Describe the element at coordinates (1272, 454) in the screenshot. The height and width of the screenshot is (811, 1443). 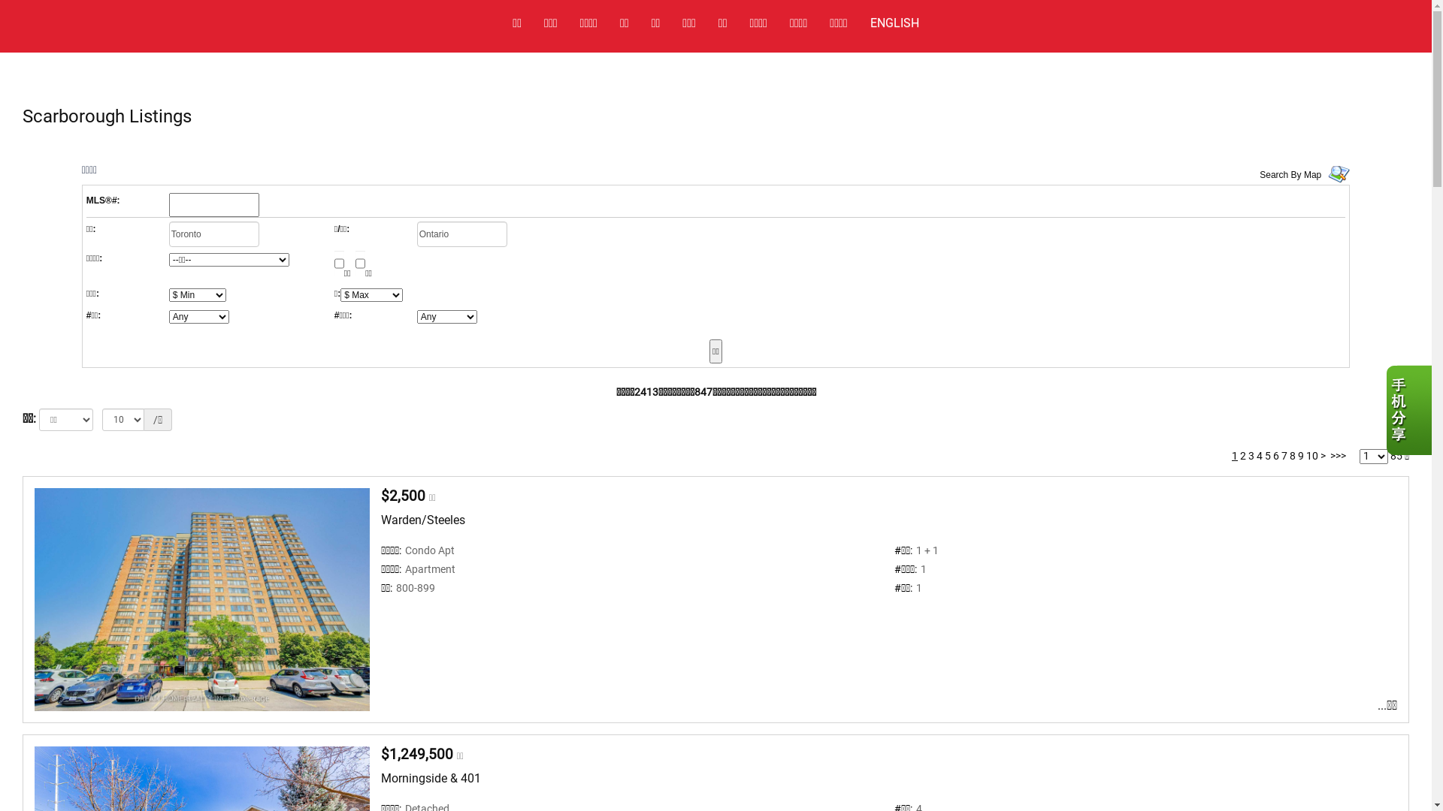
I see `'6'` at that location.